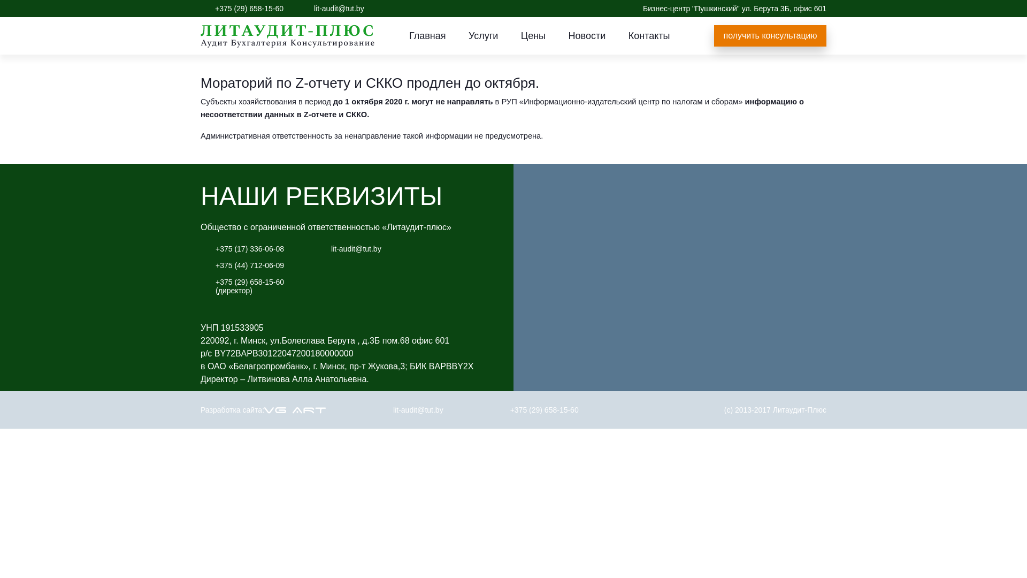 The width and height of the screenshot is (1027, 578). What do you see at coordinates (249, 265) in the screenshot?
I see `'+375 (44) 712-06-09'` at bounding box center [249, 265].